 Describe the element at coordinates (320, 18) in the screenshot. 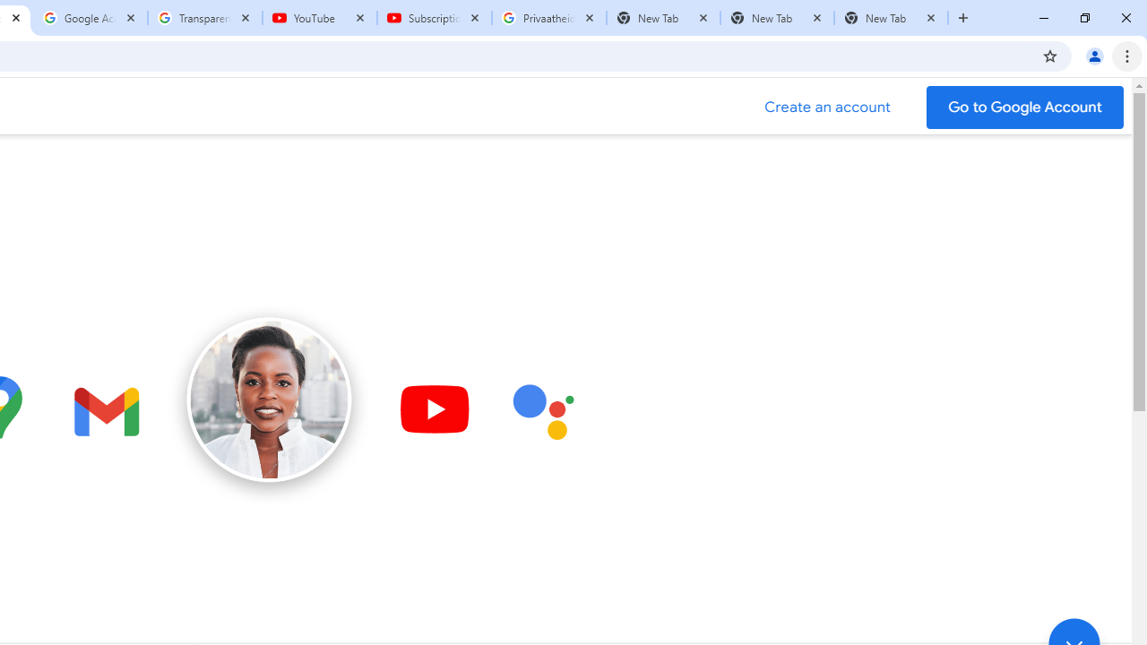

I see `'YouTube'` at that location.